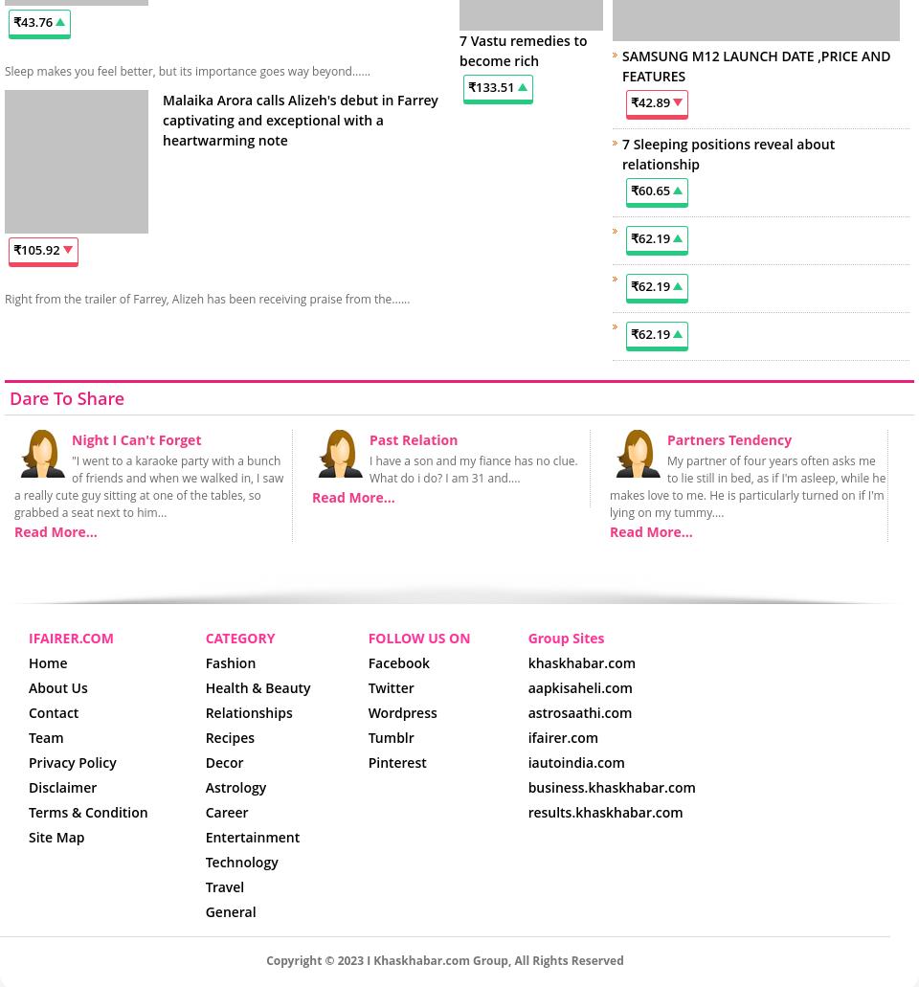  What do you see at coordinates (390, 735) in the screenshot?
I see `'Tumblr'` at bounding box center [390, 735].